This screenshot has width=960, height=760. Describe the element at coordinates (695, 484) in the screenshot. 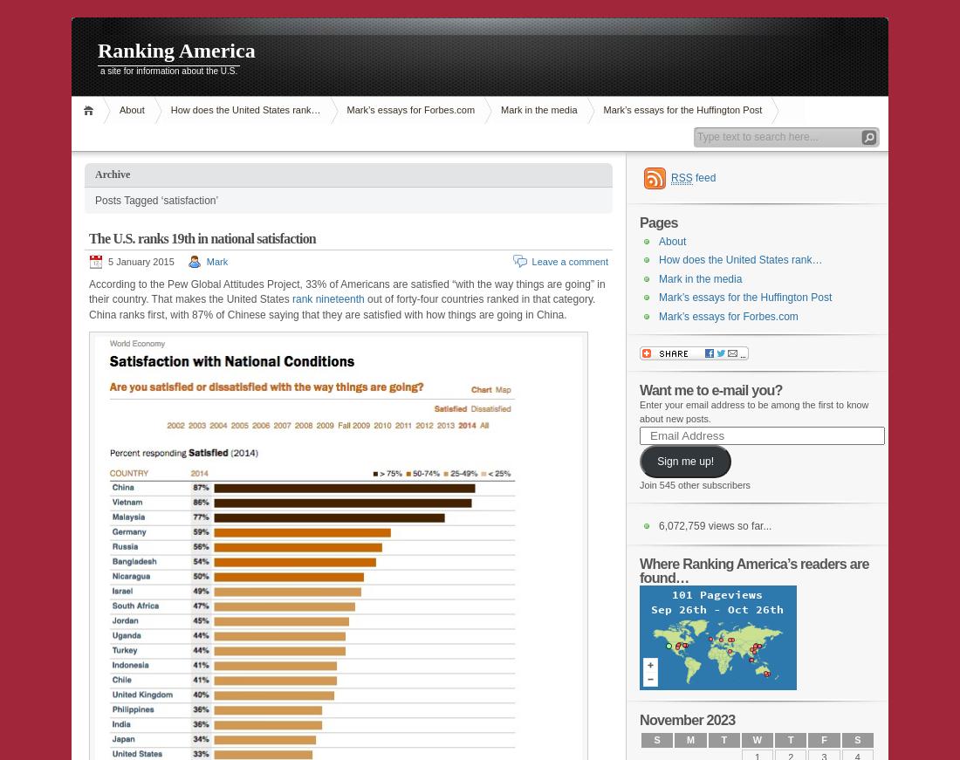

I see `'Join 545 other subscribers'` at that location.